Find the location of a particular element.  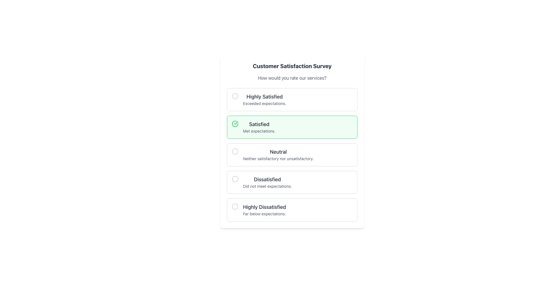

the round icon with a gray outline located to the left of the 'Dissatisfied' rating option is located at coordinates (235, 179).